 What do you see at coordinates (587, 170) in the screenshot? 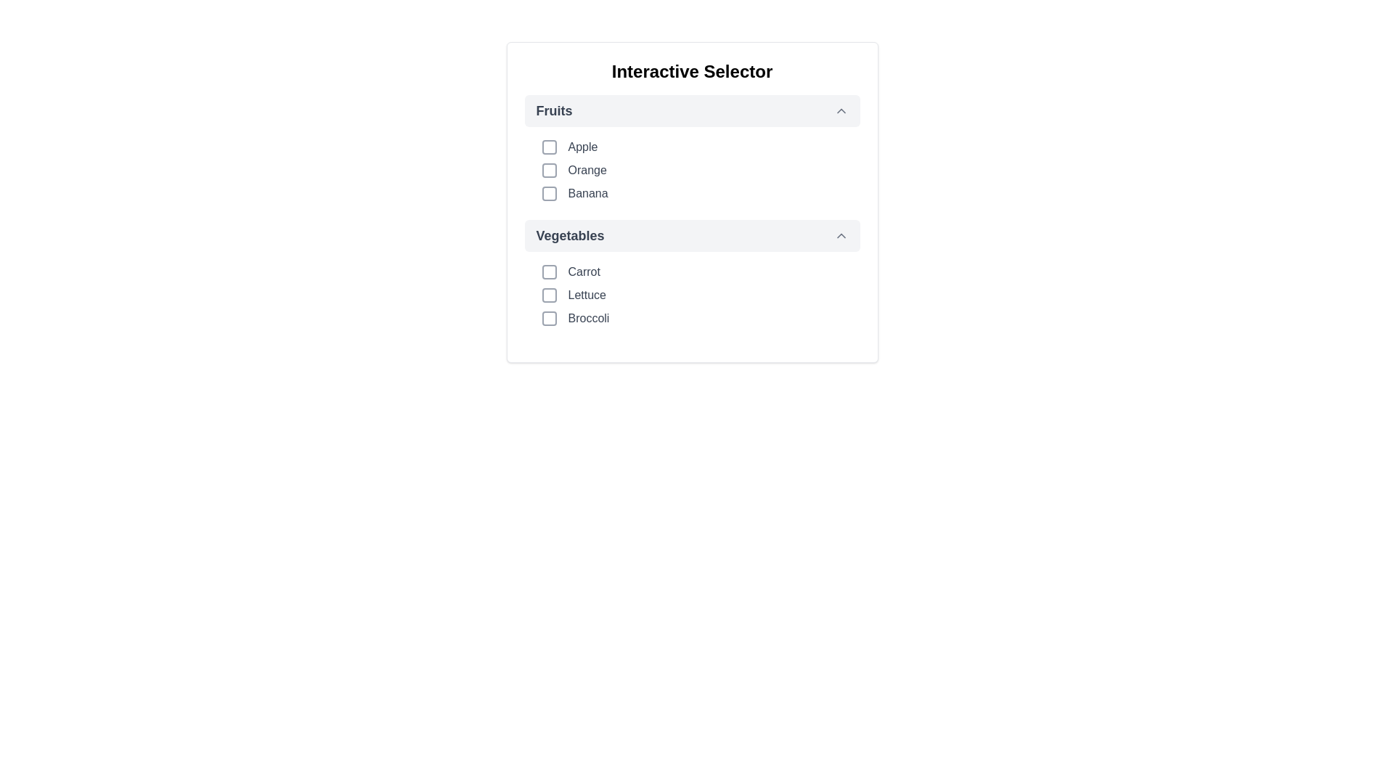
I see `the text label that describes the checkbox for the 'Fruits' section, which is located between the labels for 'Apple' and 'Banana'` at bounding box center [587, 170].